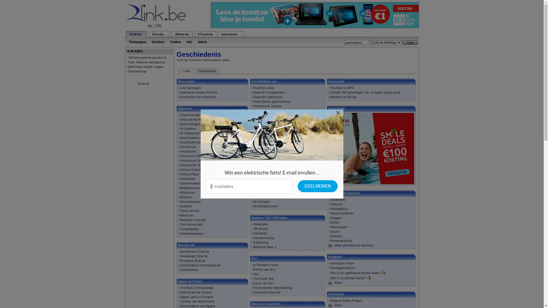 This screenshot has width=548, height=308. I want to click on 'Dochters', so click(158, 42).